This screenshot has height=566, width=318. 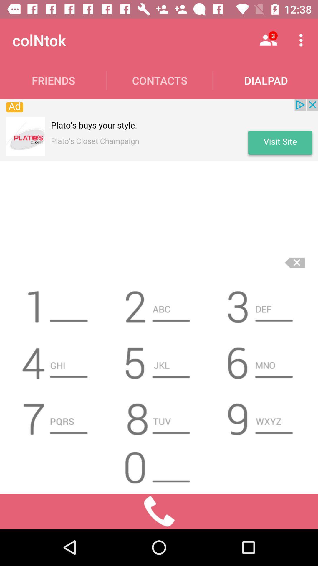 What do you see at coordinates (57, 304) in the screenshot?
I see `1  icon` at bounding box center [57, 304].